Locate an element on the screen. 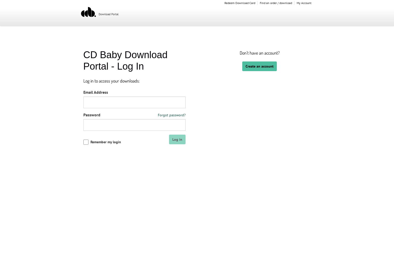 Image resolution: width=394 pixels, height=254 pixels. 'Redeem Download Card' is located at coordinates (224, 3).